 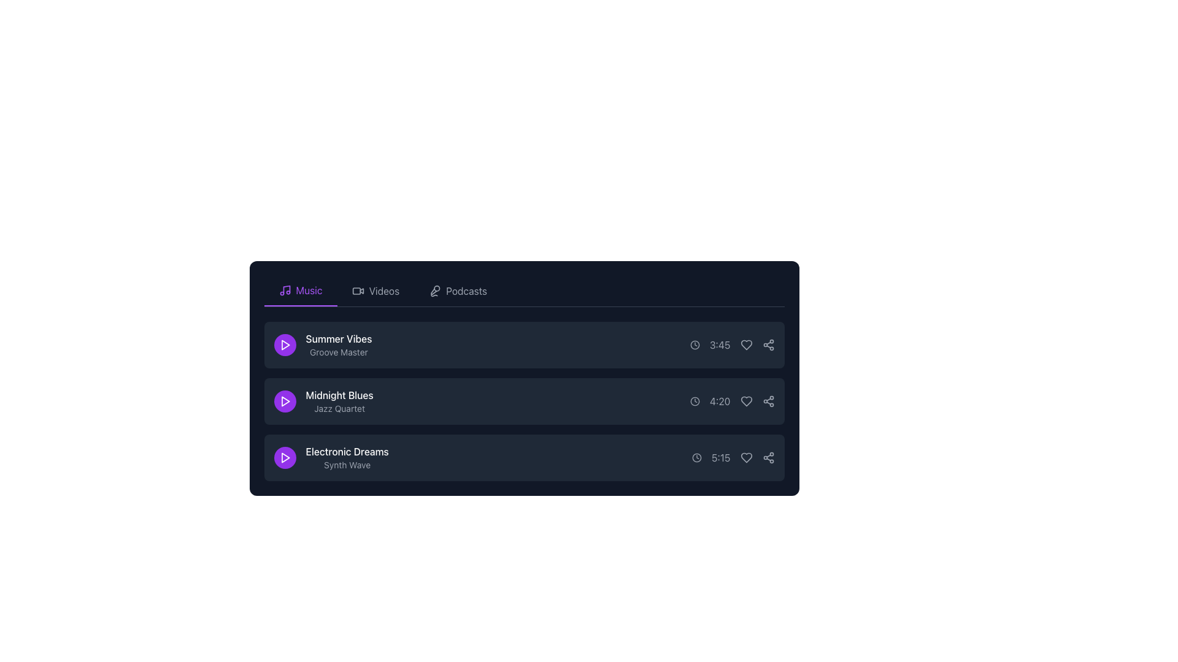 What do you see at coordinates (745, 401) in the screenshot?
I see `the heart icon button` at bounding box center [745, 401].